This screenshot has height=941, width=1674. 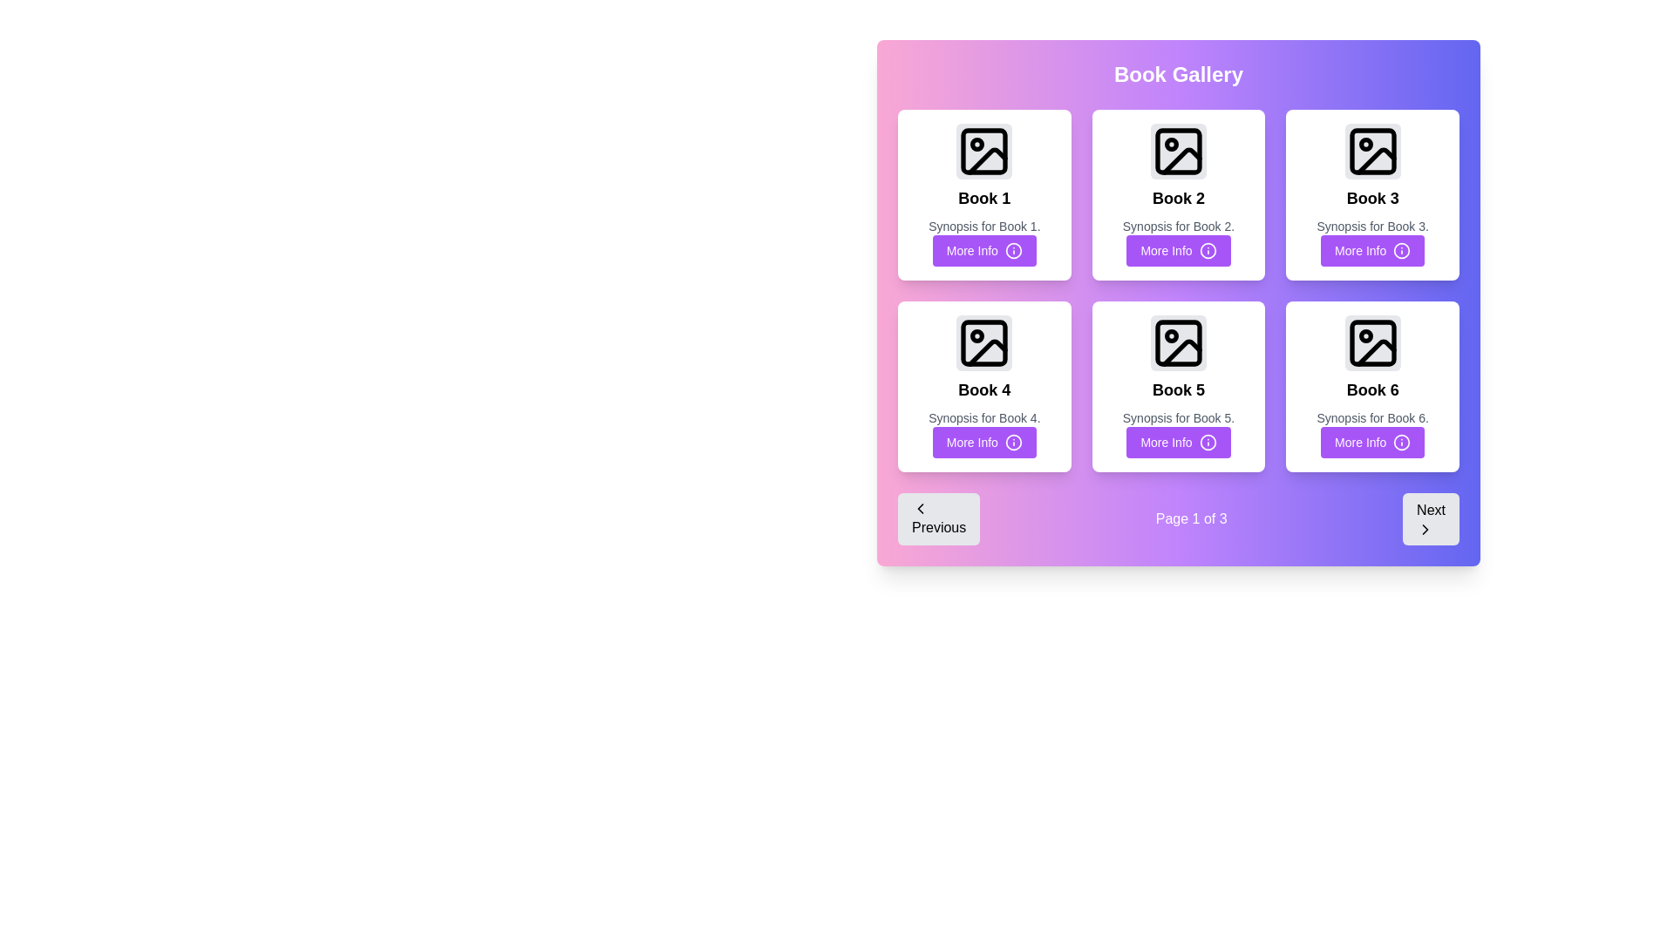 I want to click on the purple 'More Info' button with an information icon located at the bottom center of the 'Book 1' card in the 'Book Gallery' interface, so click(x=984, y=251).